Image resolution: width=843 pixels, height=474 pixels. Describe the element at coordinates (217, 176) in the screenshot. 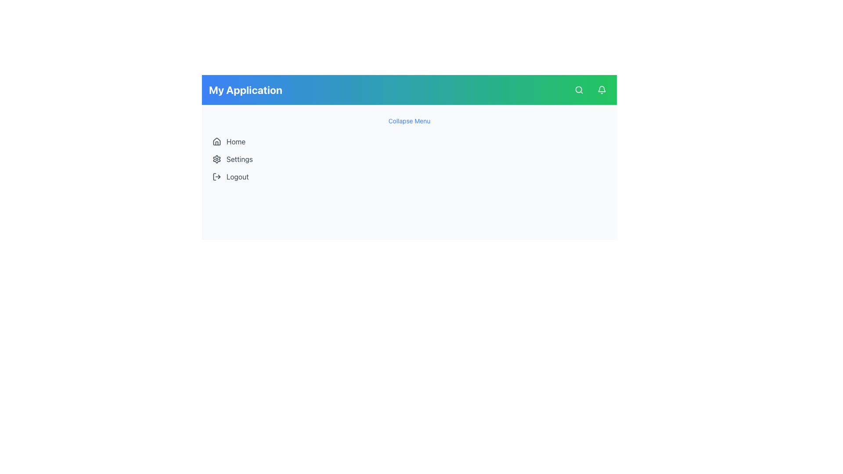

I see `the log-out button, which visually represents the log-out feature and is positioned to the left of the 'Logout' text label in the sidebar menu` at that location.